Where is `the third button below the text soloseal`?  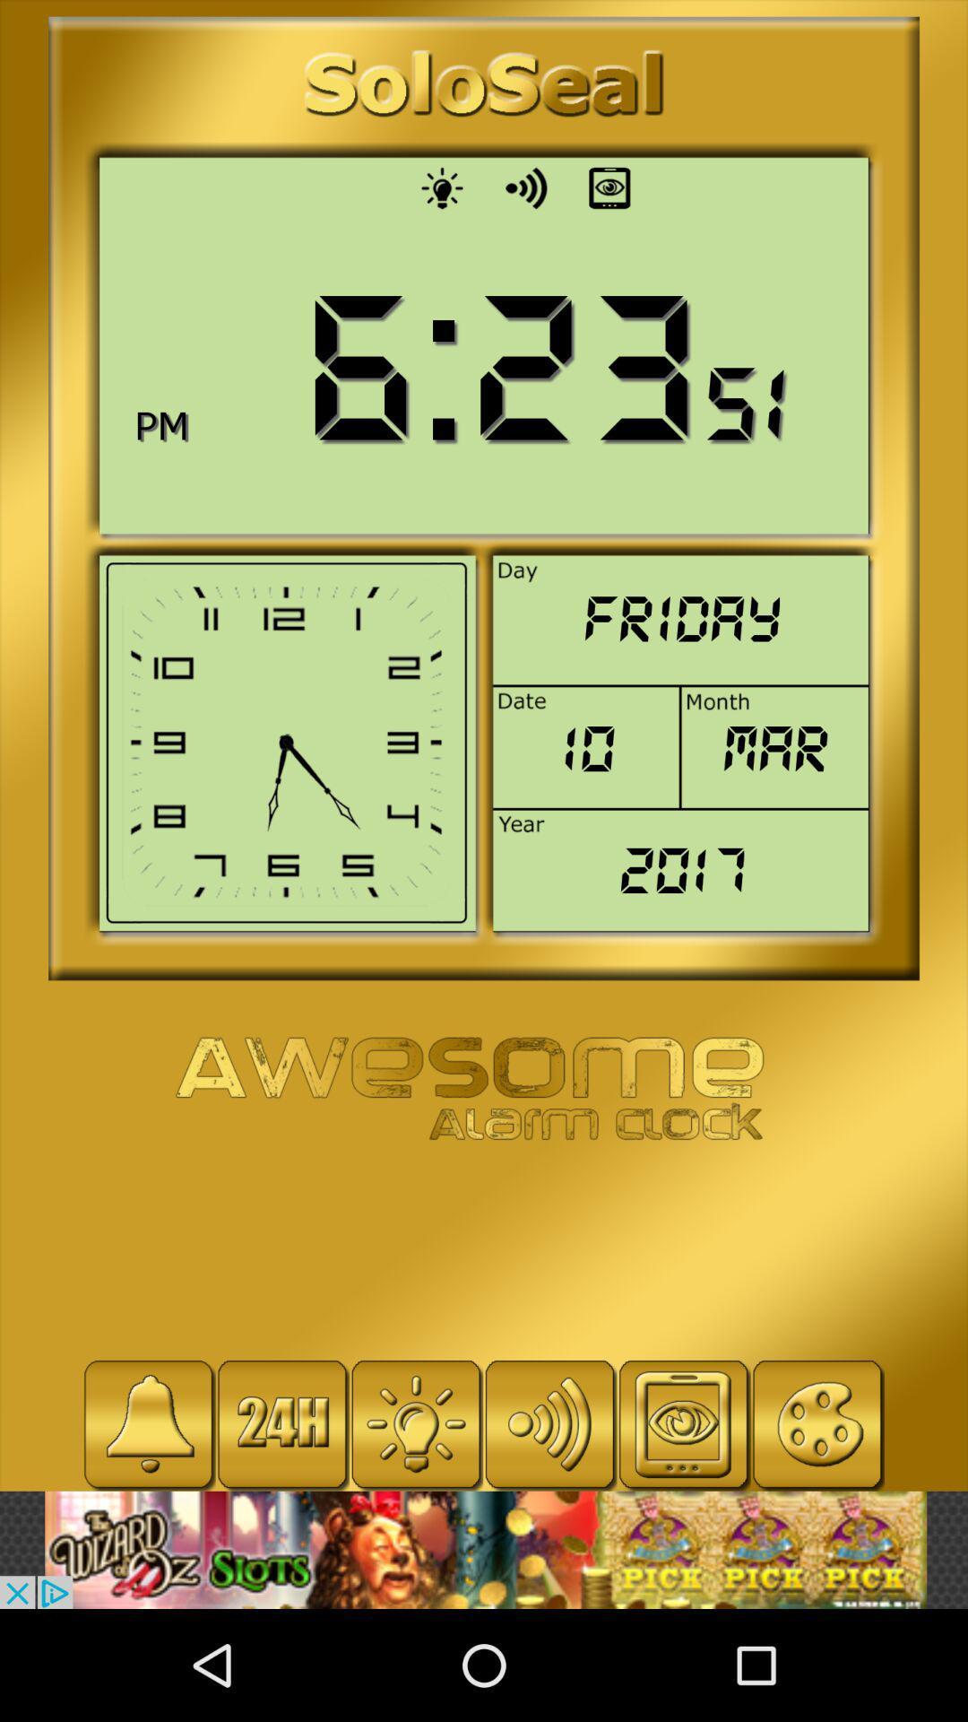 the third button below the text soloseal is located at coordinates (609, 188).